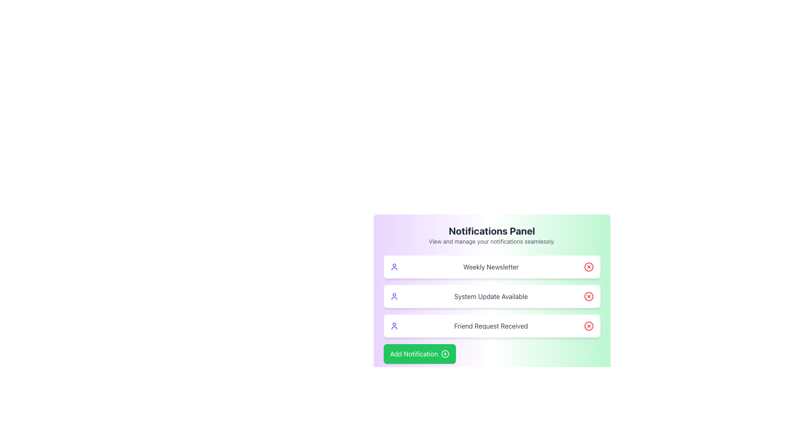 The image size is (788, 443). What do you see at coordinates (588, 325) in the screenshot?
I see `the red circular Close button with a white cross, located at the far right of the 'Friend Request Received' notification row` at bounding box center [588, 325].